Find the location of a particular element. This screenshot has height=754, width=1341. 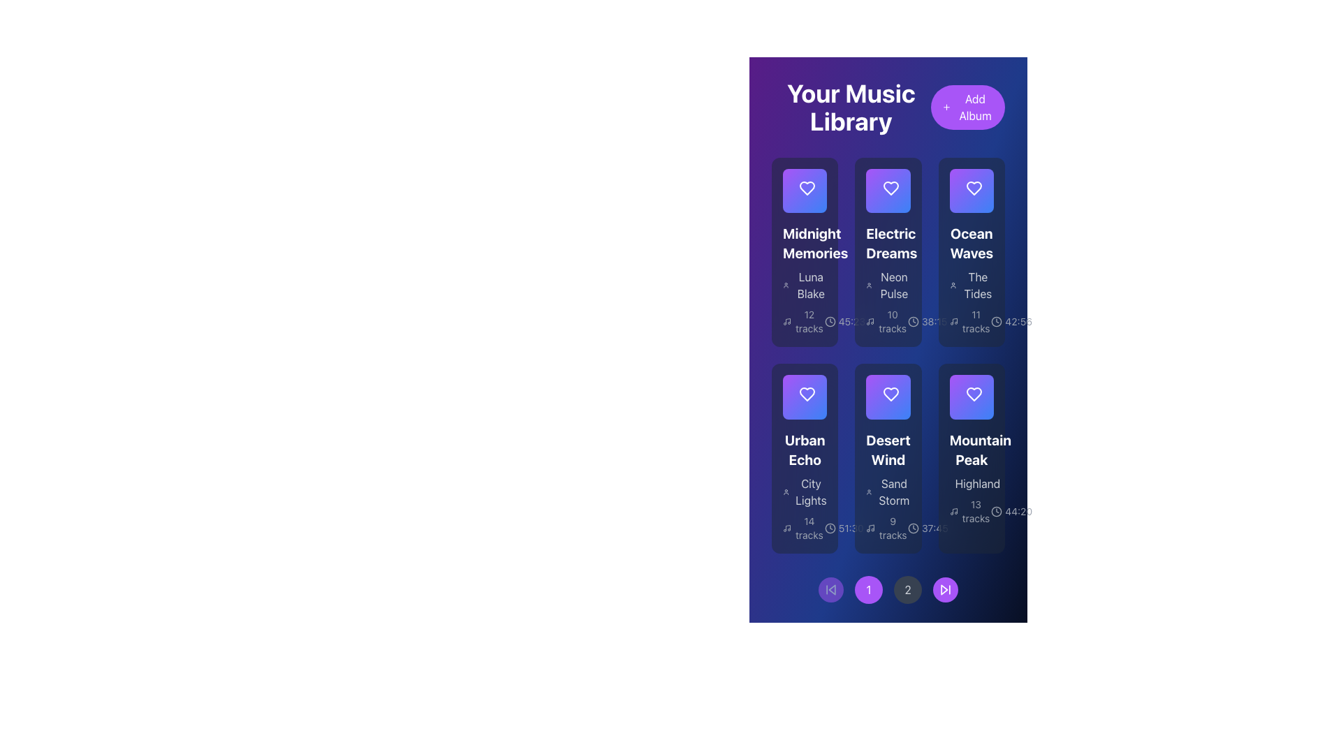

the triangular play icon located in the center of the second card in the top row of the grid layout under 'Your Music Library' to initiate play is located at coordinates (888, 191).